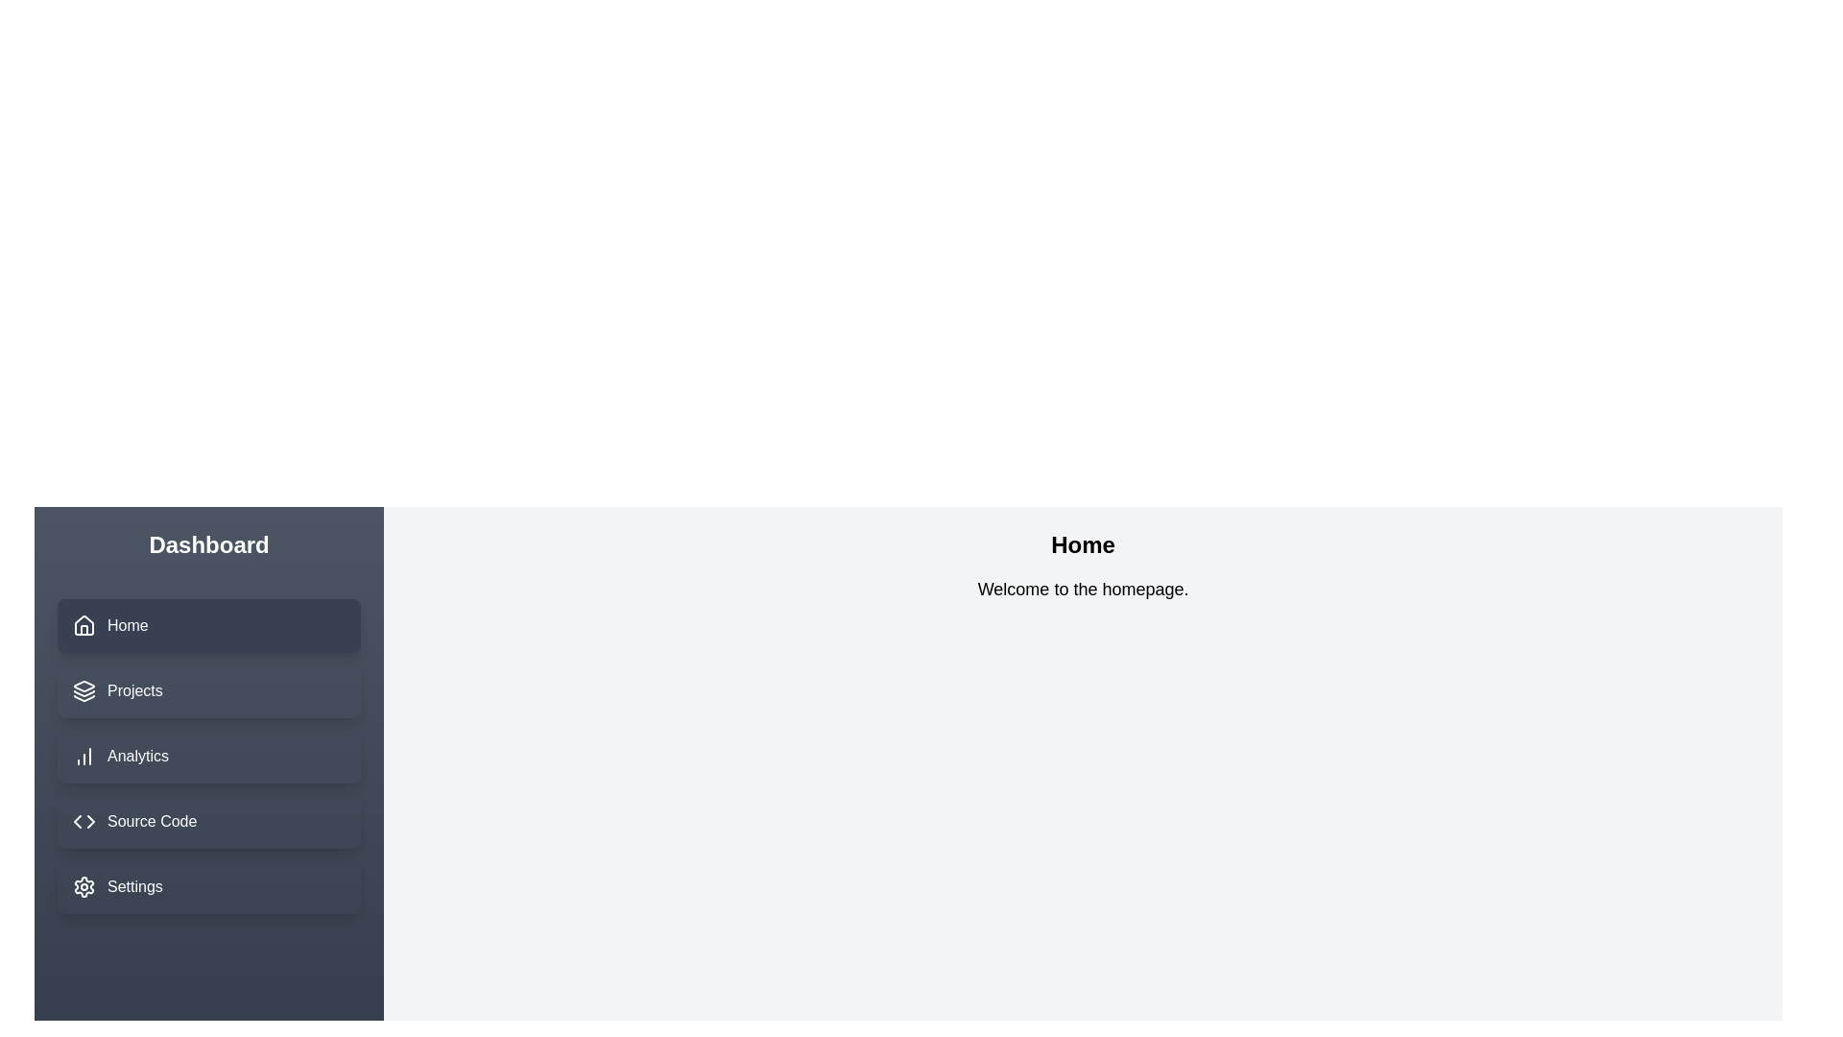 The width and height of the screenshot is (1843, 1037). Describe the element at coordinates (83, 691) in the screenshot. I see `the 'Projects' icon located in the left-hand vertical navigation panel titled 'Dashboard'` at that location.